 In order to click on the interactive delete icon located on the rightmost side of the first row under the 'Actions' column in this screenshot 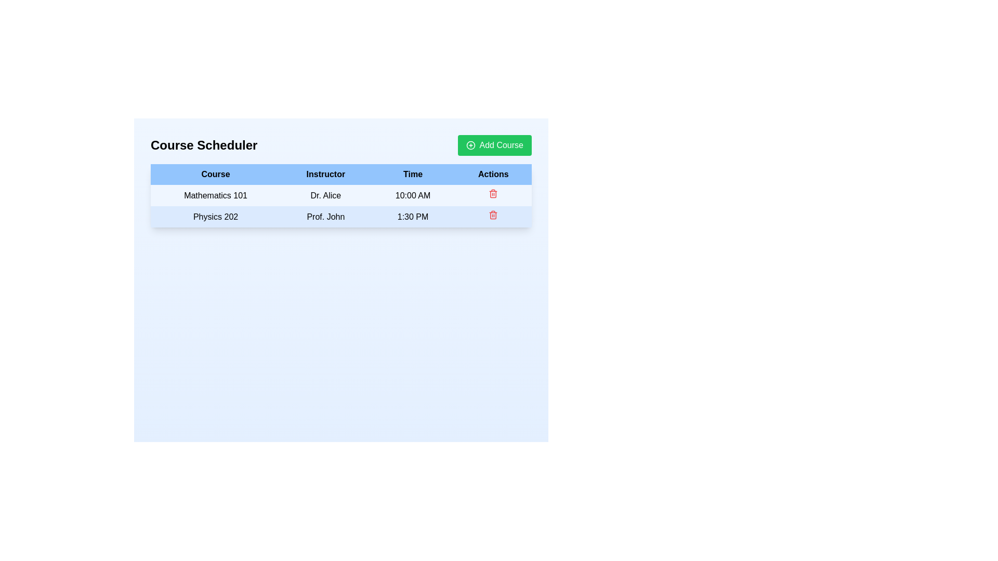, I will do `click(493, 195)`.